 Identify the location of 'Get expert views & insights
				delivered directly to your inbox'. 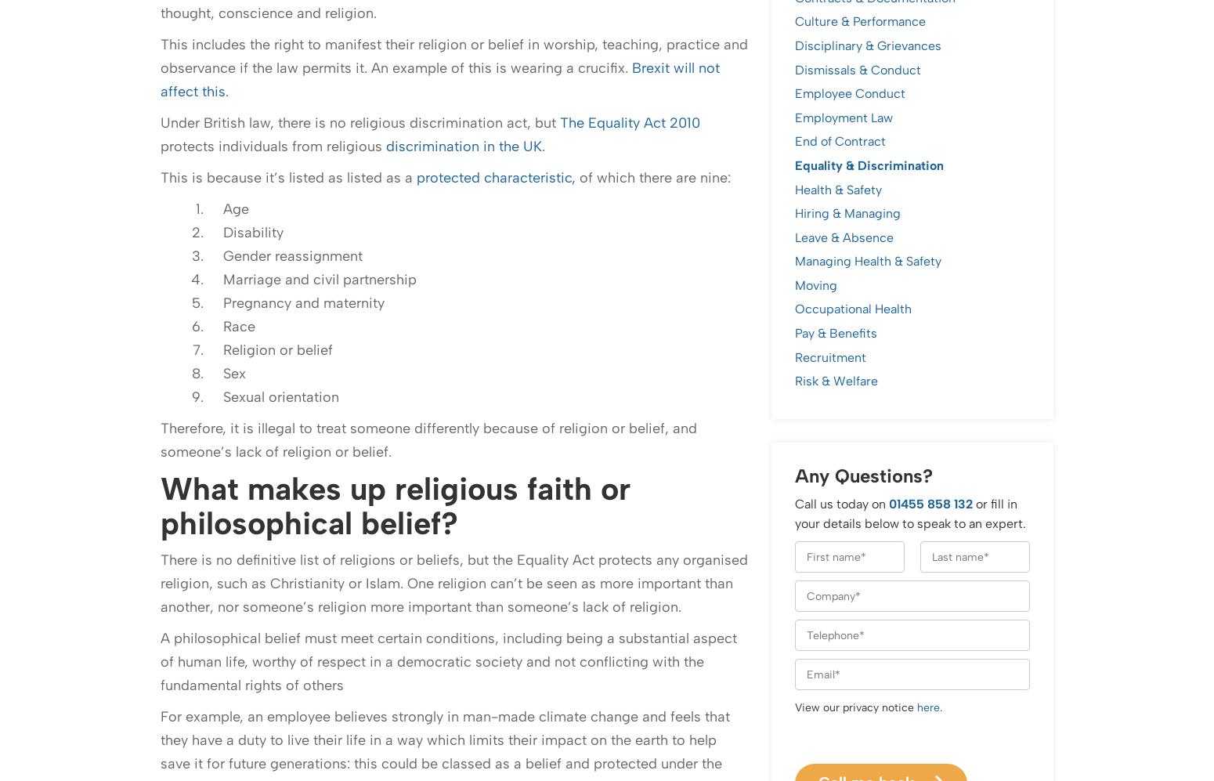
(385, 387).